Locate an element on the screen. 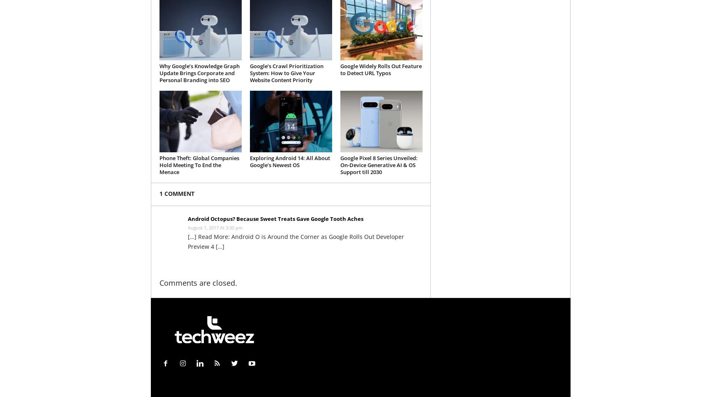 This screenshot has height=397, width=721. 'August 1, 2017						                        At						                        3:30 pm' is located at coordinates (214, 227).